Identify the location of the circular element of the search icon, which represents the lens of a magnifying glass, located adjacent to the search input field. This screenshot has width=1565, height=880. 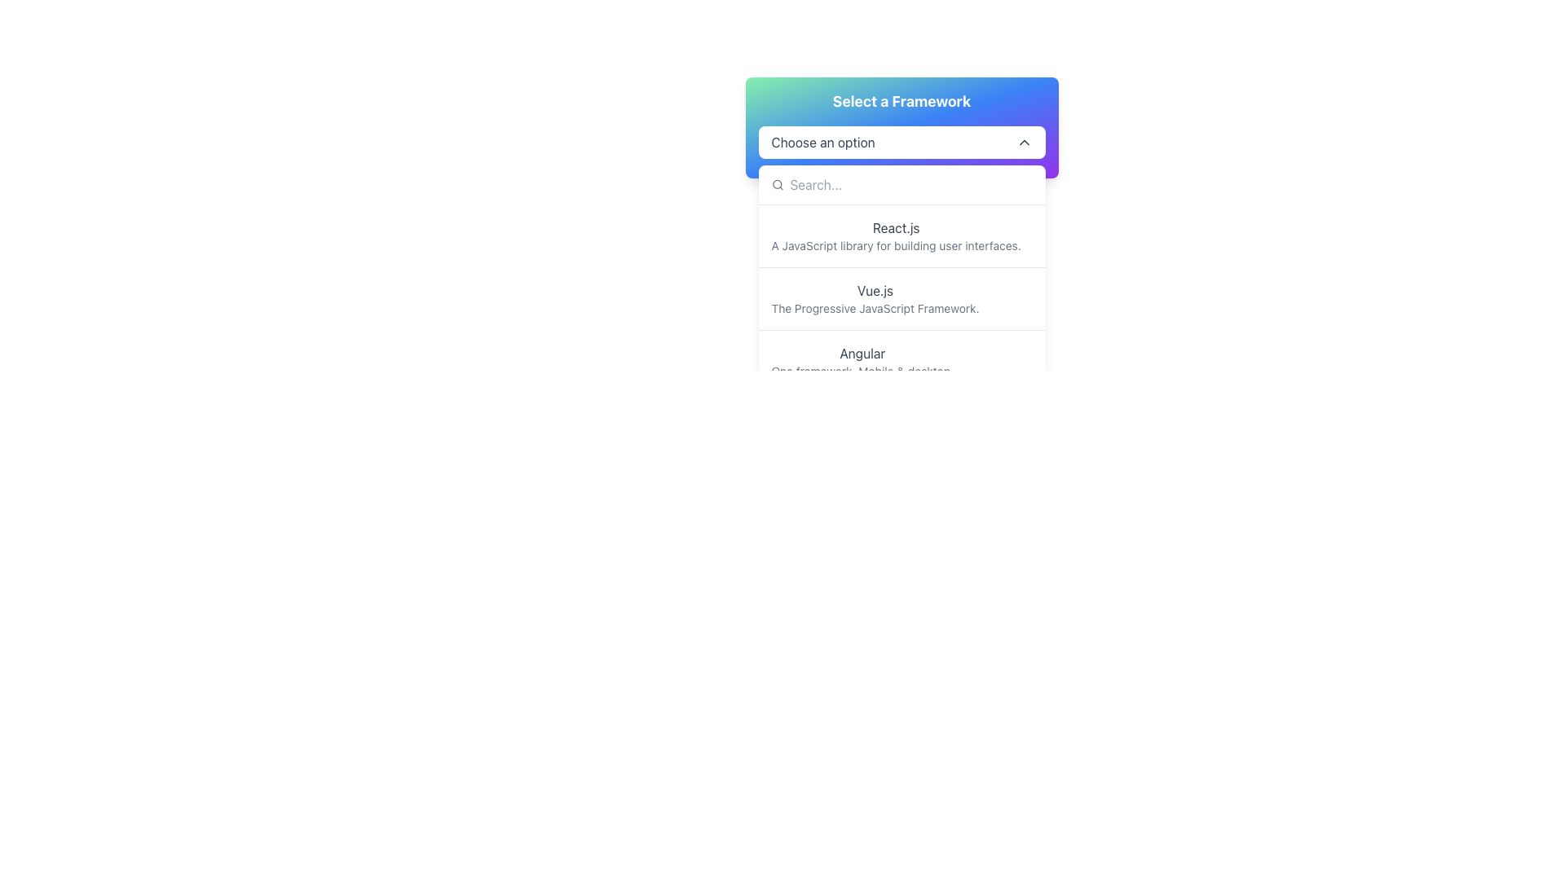
(776, 183).